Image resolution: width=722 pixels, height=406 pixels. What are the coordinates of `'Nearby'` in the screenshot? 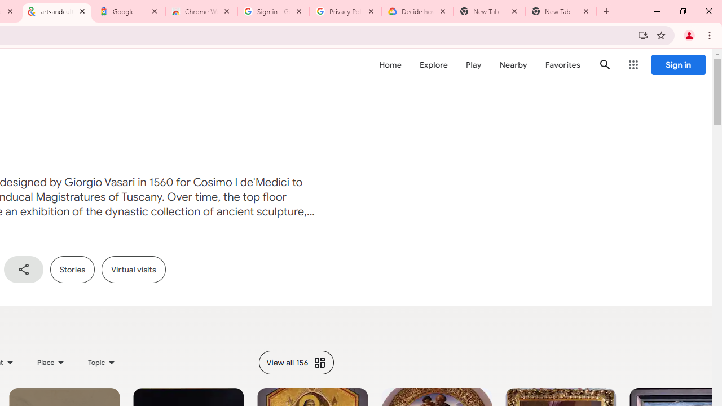 It's located at (513, 65).